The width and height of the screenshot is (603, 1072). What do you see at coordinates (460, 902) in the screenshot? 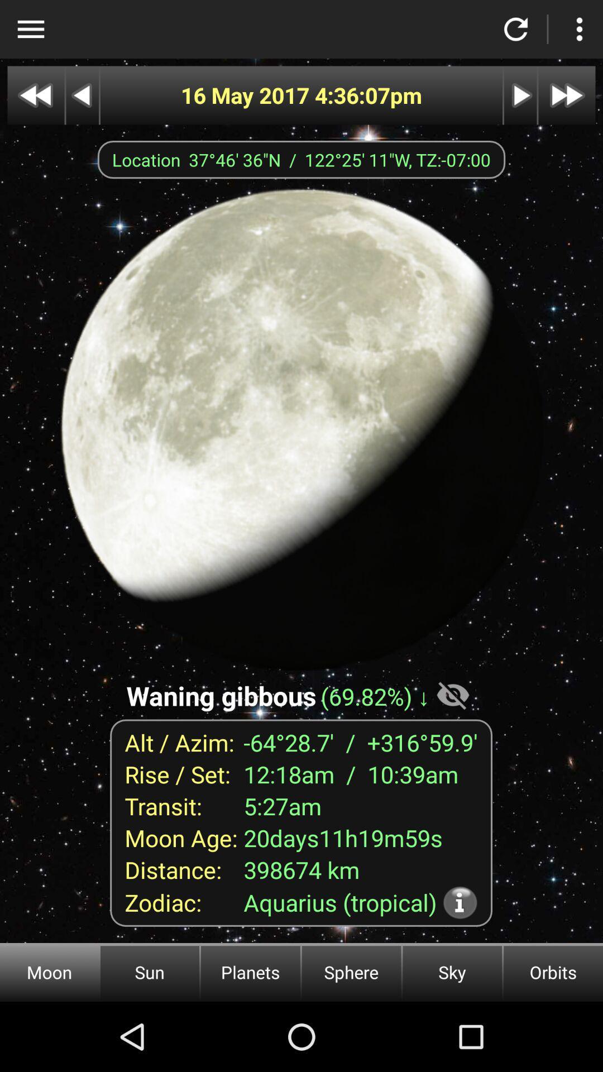
I see `aquarius information/details` at bounding box center [460, 902].